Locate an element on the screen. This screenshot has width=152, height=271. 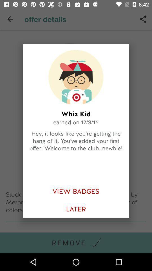
the icon below hey it looks is located at coordinates (76, 191).